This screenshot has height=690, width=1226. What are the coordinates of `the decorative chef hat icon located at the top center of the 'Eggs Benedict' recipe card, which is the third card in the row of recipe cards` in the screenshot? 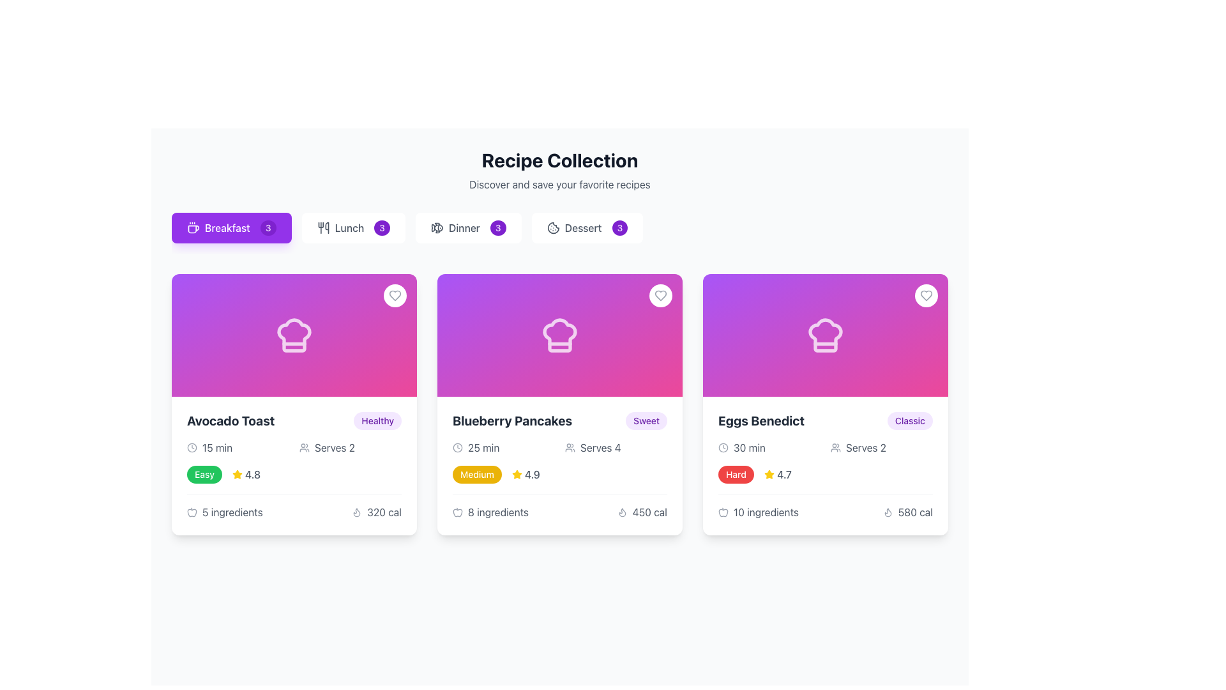 It's located at (825, 334).